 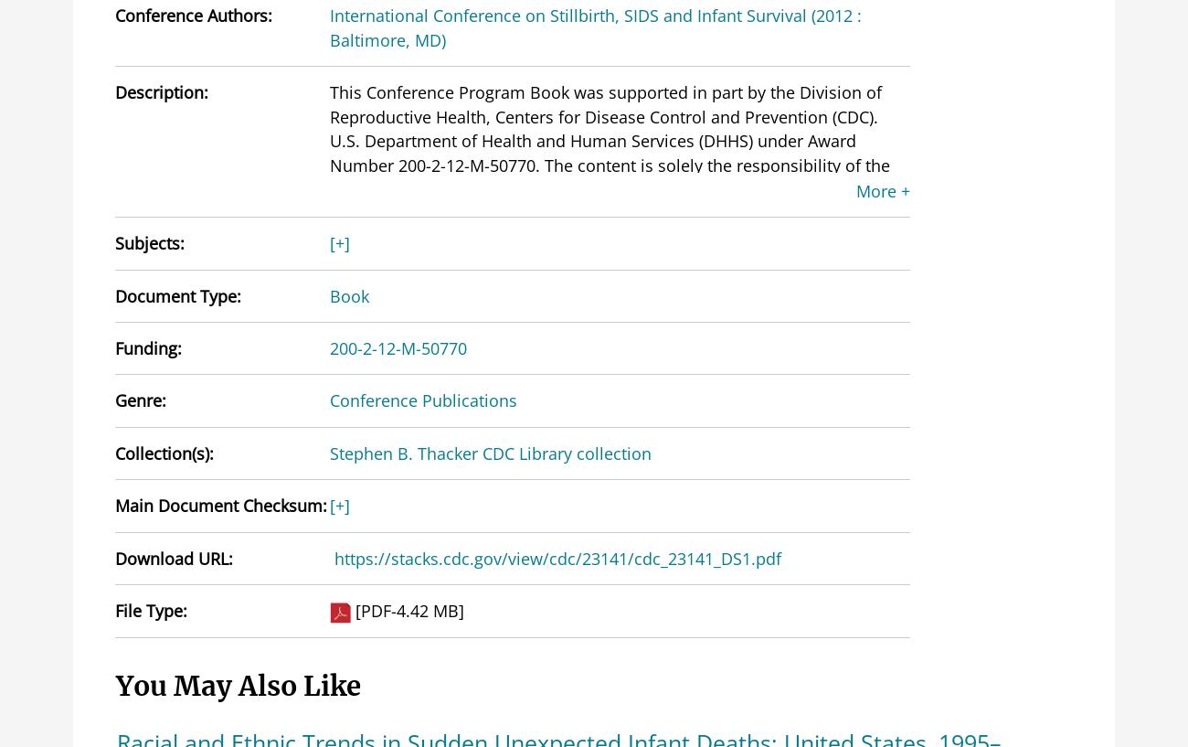 I want to click on 'Collection(s):', so click(x=164, y=452).